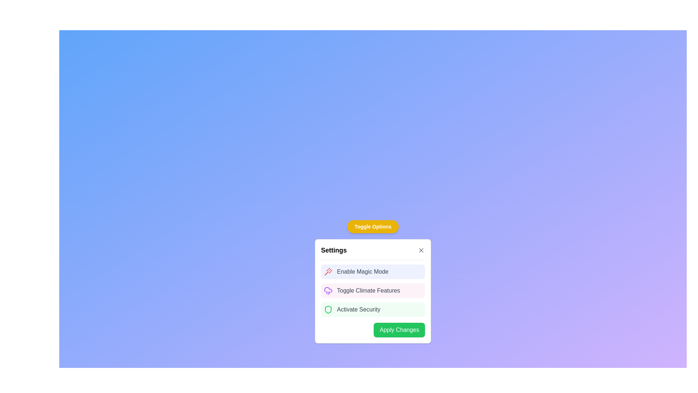 This screenshot has height=393, width=698. Describe the element at coordinates (328, 272) in the screenshot. I see `the icon of a wand with sparkles, styled in red, located to the left of the text 'Enable Magic Mode' in the settings section` at that location.